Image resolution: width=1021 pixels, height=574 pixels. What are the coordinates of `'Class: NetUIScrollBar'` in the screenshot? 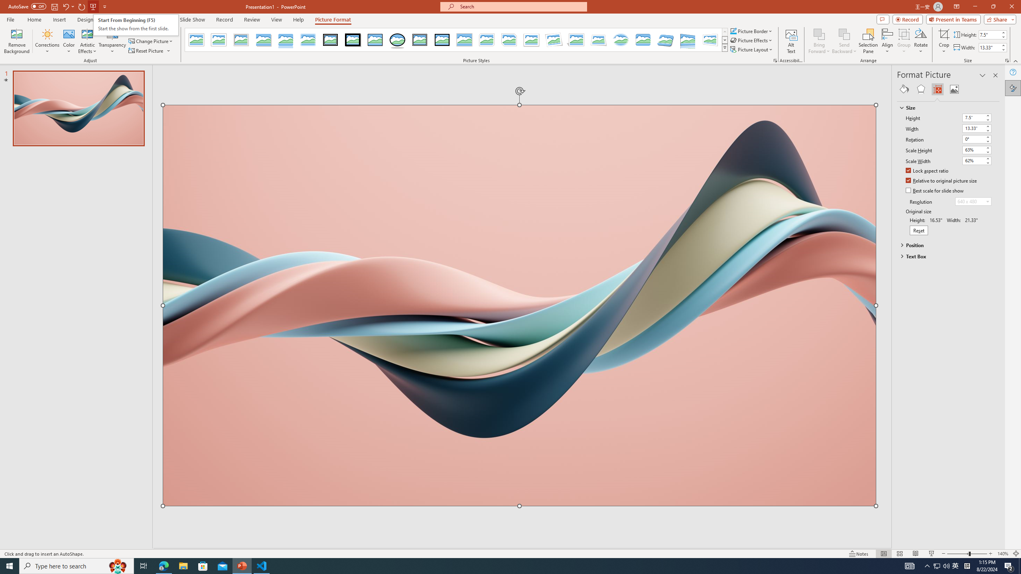 It's located at (995, 322).